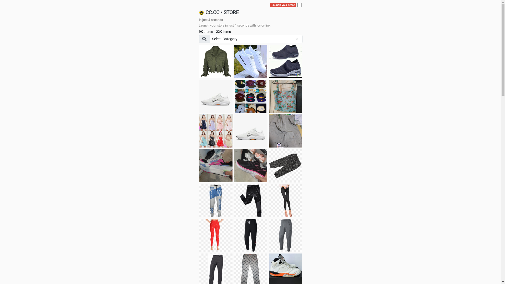 Image resolution: width=505 pixels, height=284 pixels. Describe the element at coordinates (285, 165) in the screenshot. I see `'Short pant'` at that location.